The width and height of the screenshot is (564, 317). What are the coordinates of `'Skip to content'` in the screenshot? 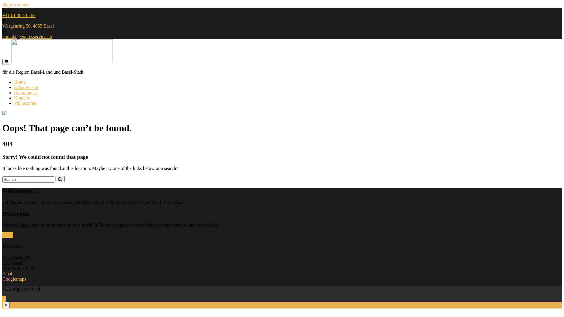 It's located at (16, 5).